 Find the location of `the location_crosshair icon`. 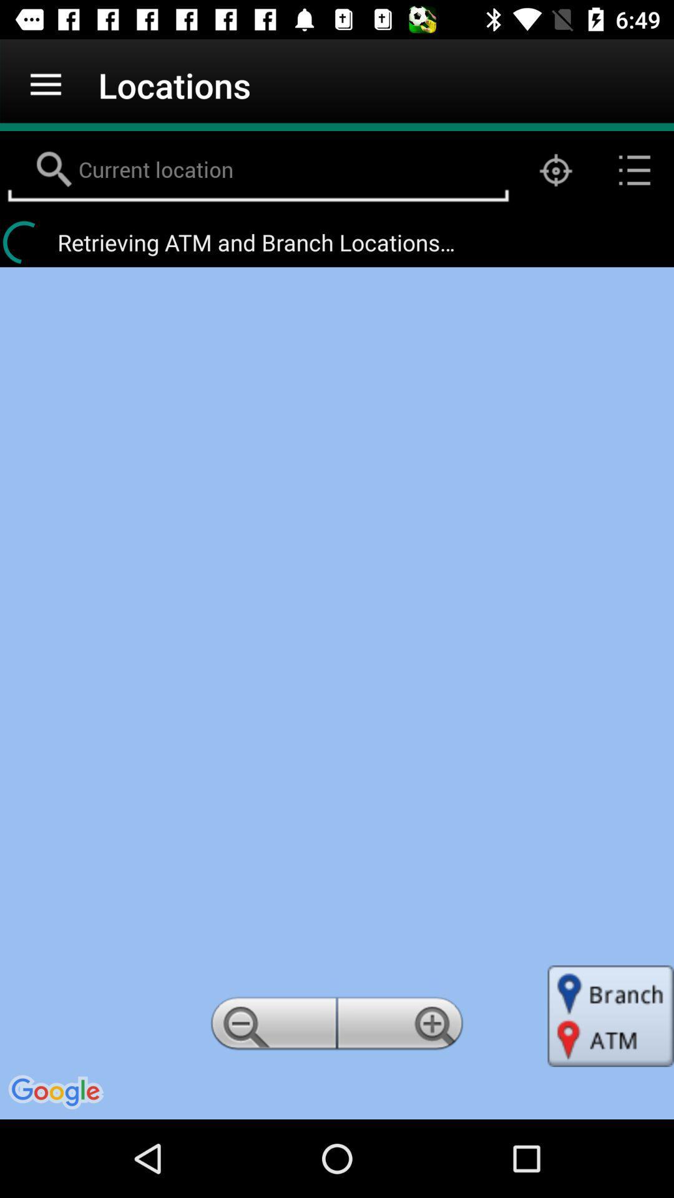

the location_crosshair icon is located at coordinates (555, 170).